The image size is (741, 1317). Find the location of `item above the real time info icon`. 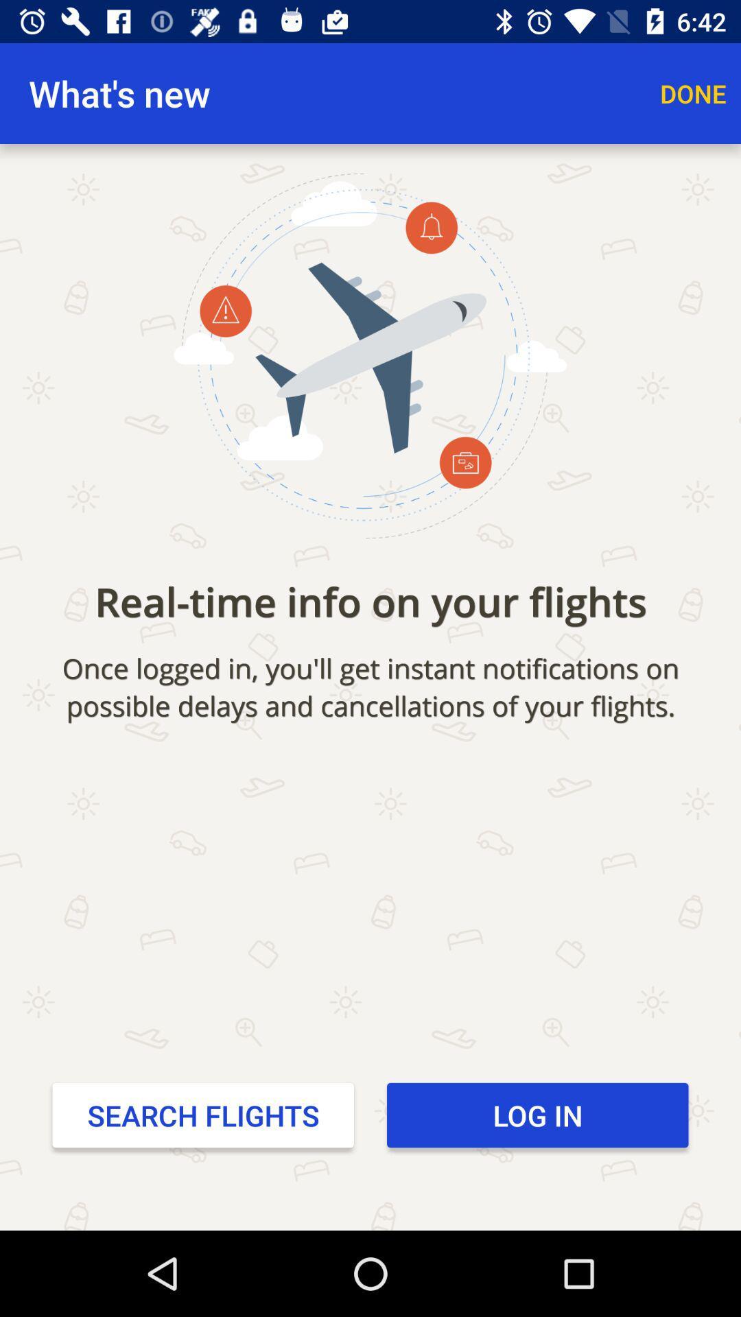

item above the real time info icon is located at coordinates (693, 93).